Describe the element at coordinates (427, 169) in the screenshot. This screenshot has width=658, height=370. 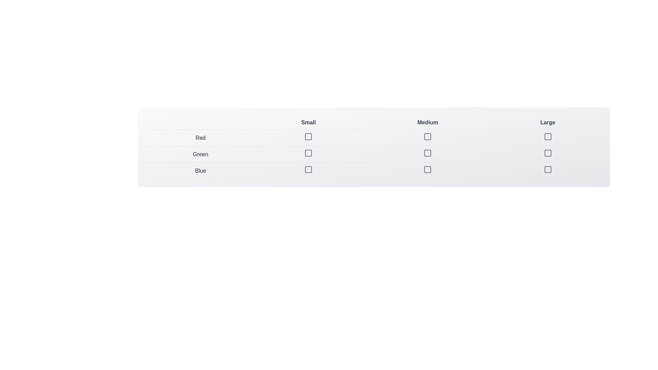
I see `the checkbox in the medium category for the Blue row` at that location.